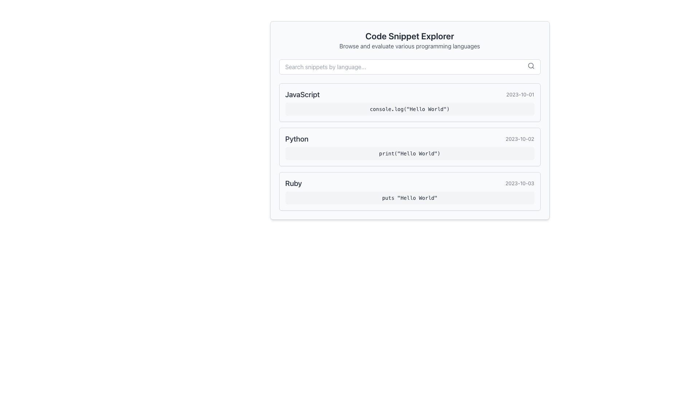 The image size is (699, 393). Describe the element at coordinates (520, 94) in the screenshot. I see `the date label positioned in the topmost language snippet block, aligned to the right of the 'JavaScript' label` at that location.